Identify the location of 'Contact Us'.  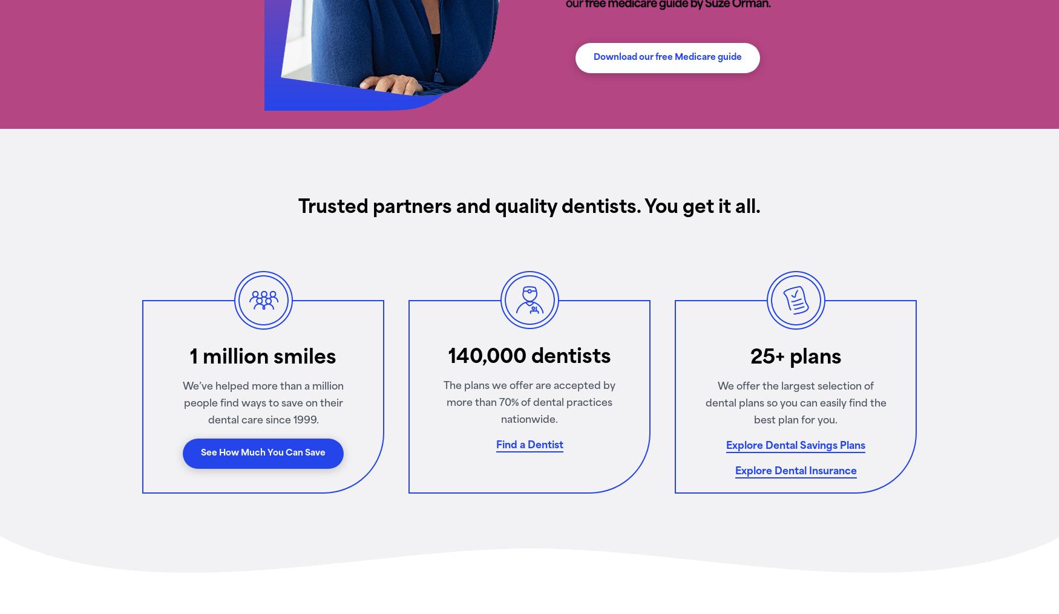
(194, 248).